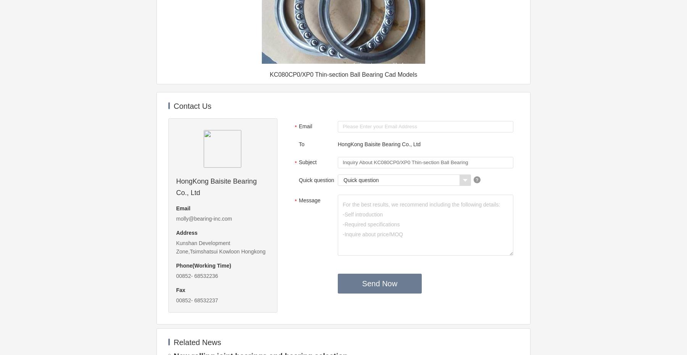  What do you see at coordinates (379, 283) in the screenshot?
I see `'Send Now'` at bounding box center [379, 283].